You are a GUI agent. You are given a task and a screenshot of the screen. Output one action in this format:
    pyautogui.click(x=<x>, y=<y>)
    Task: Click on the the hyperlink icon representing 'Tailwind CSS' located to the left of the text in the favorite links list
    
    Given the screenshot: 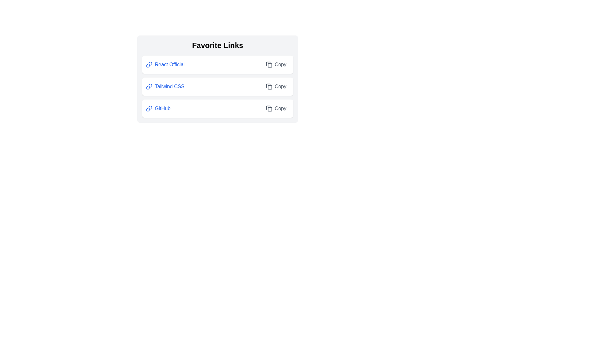 What is the action you would take?
    pyautogui.click(x=149, y=87)
    